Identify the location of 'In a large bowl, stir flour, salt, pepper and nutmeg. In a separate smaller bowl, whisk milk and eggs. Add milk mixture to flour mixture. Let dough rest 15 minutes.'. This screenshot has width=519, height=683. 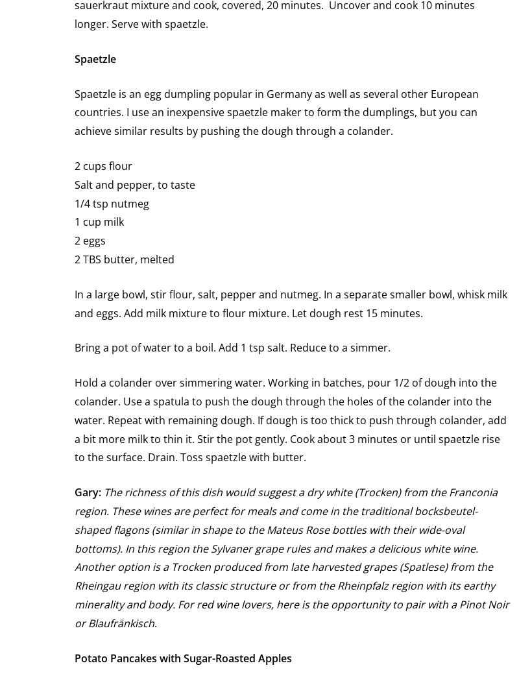
(290, 302).